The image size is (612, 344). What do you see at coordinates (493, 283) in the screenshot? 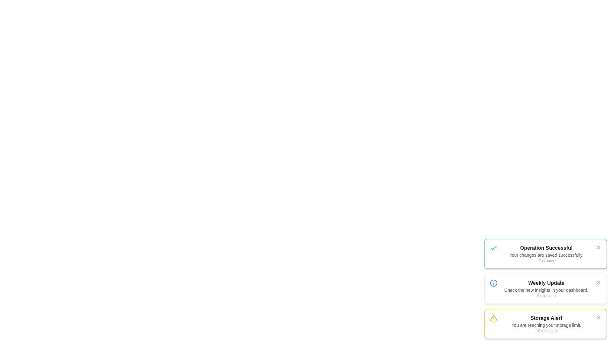
I see `the informational indication icon related to the 'Weekly Update' notification located in the top-left corner of the notification box` at bounding box center [493, 283].